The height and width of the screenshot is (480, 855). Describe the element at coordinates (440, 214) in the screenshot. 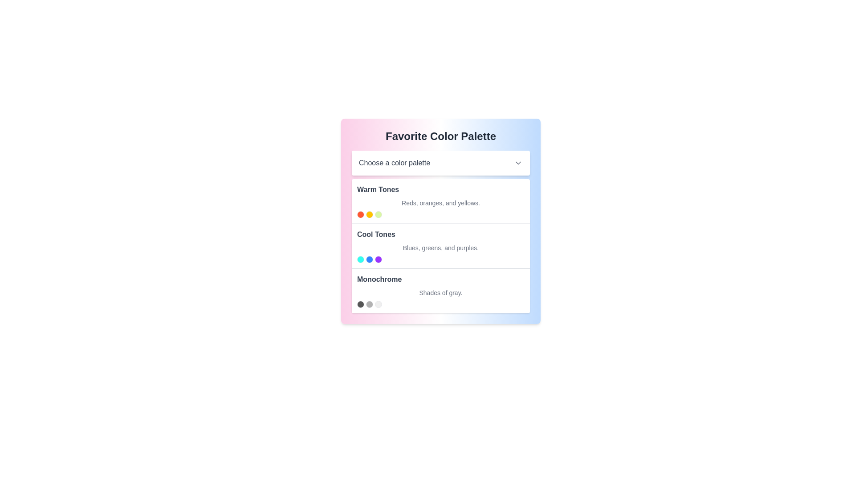

I see `the colors displayed in the Color swatch group located in the 'Warm Tones' section, below the text 'Reds, oranges, and yellows'` at that location.